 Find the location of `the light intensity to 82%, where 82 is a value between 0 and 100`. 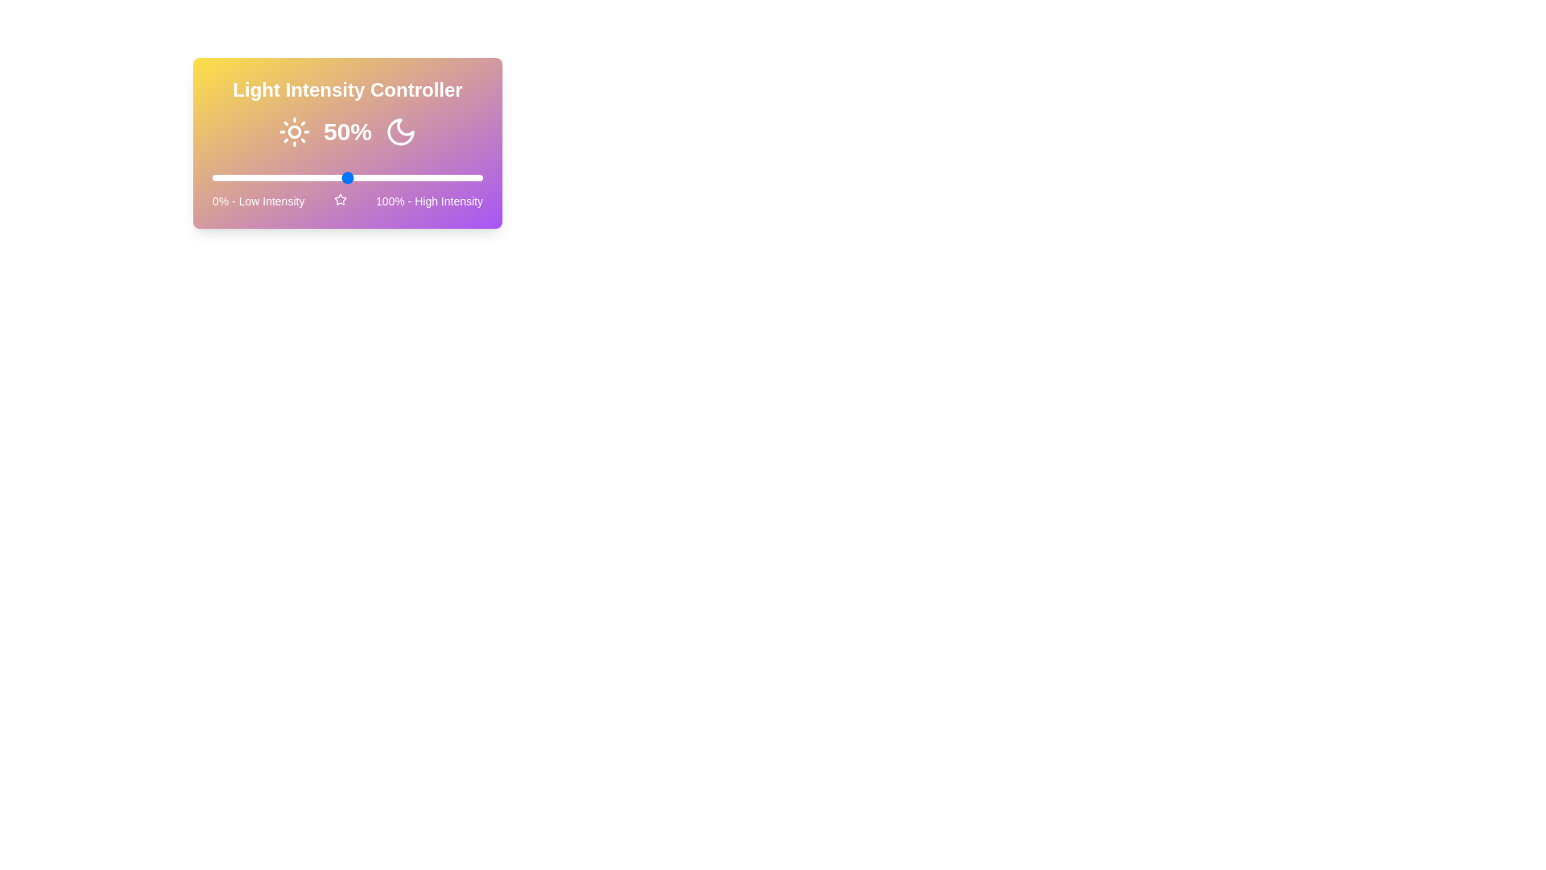

the light intensity to 82%, where 82 is a value between 0 and 100 is located at coordinates (434, 177).